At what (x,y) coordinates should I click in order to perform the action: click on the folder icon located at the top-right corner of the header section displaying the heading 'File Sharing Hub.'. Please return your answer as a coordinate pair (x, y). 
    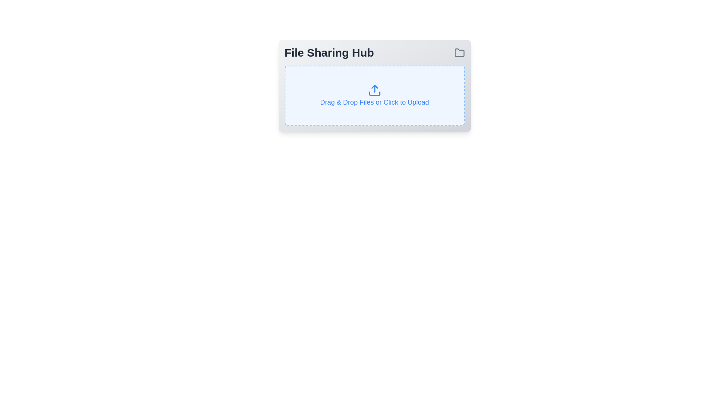
    Looking at the image, I should click on (459, 52).